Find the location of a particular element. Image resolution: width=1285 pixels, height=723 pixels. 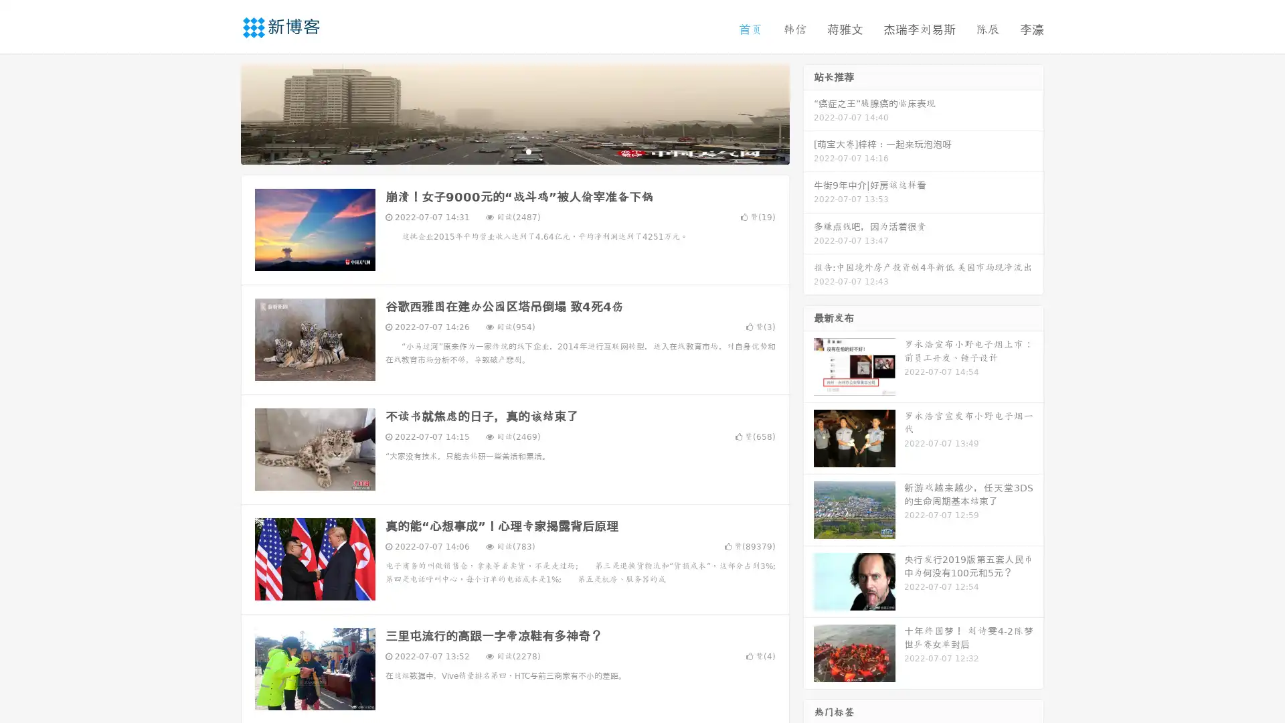

Next slide is located at coordinates (808, 112).